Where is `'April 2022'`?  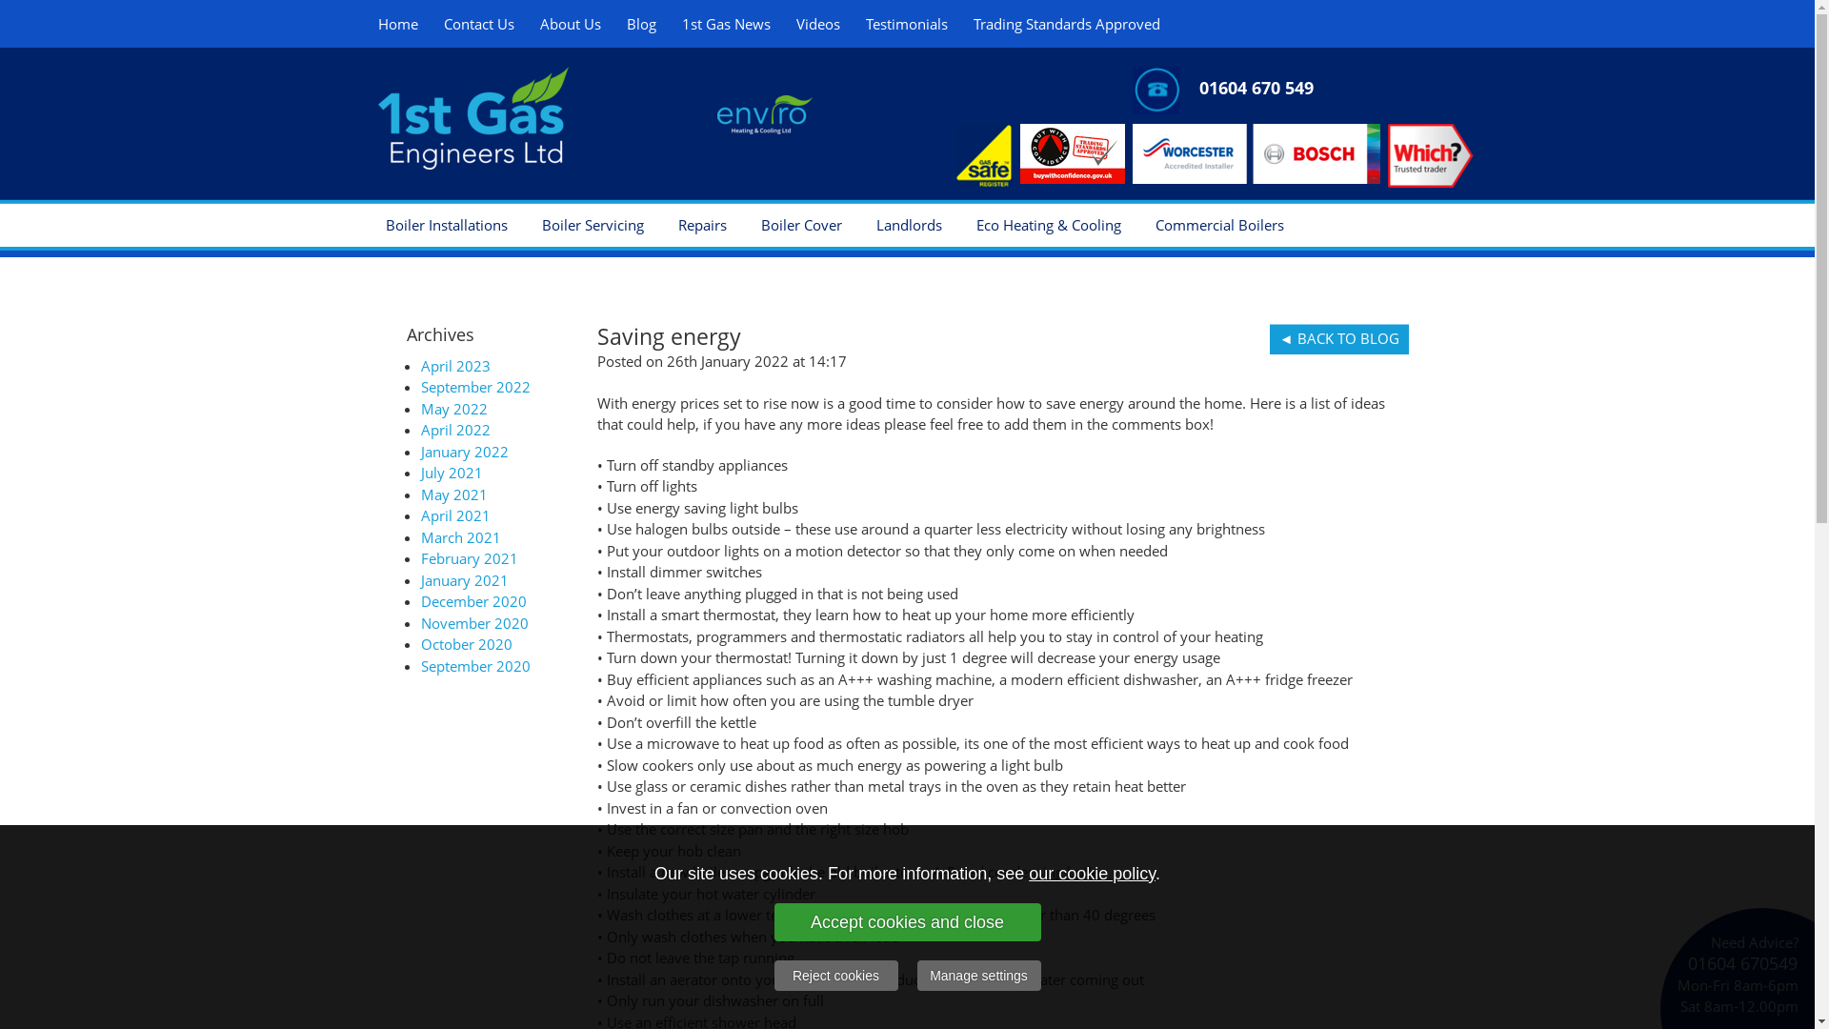
'April 2022' is located at coordinates (454, 430).